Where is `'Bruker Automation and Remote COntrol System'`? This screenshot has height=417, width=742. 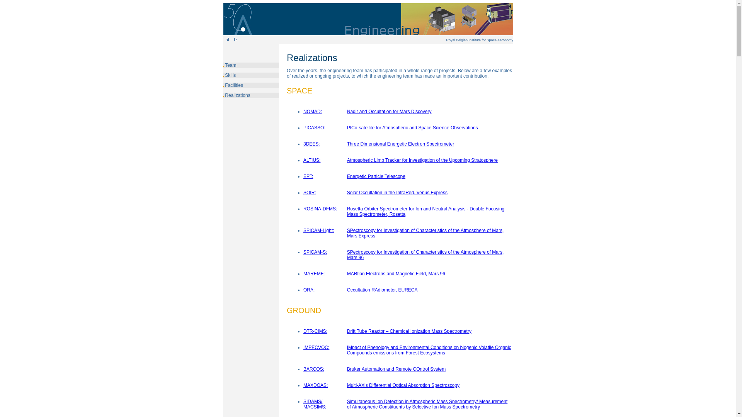
'Bruker Automation and Remote COntrol System' is located at coordinates (346, 369).